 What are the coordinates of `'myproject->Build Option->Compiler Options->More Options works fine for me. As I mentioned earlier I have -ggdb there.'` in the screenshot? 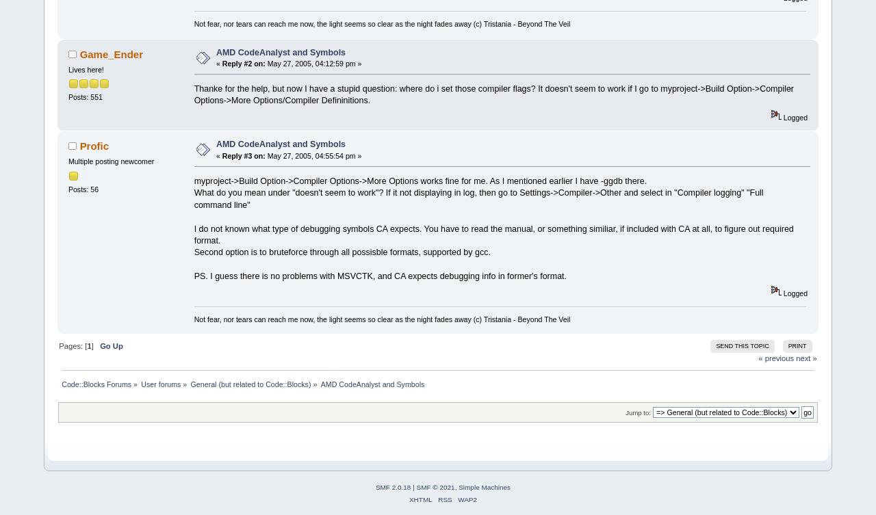 It's located at (420, 181).